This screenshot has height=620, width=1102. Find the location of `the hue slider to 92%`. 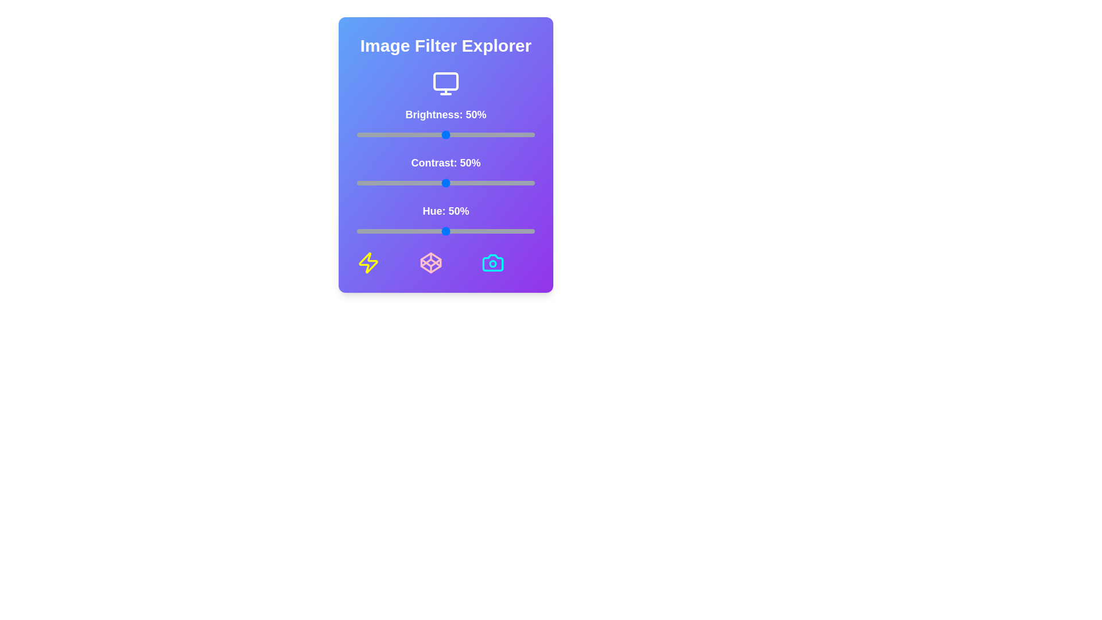

the hue slider to 92% is located at coordinates (520, 231).